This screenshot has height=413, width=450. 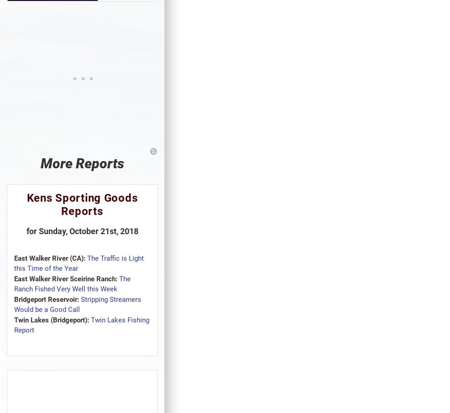 I want to click on 'for Sunday, October 21st, 2018', so click(x=82, y=231).